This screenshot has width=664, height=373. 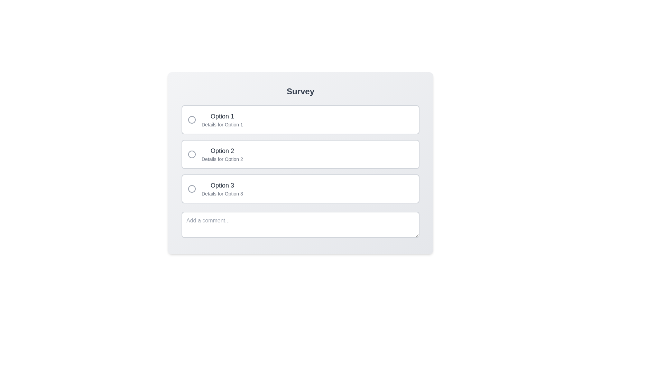 I want to click on the unfilled circular gray icon located to the left of 'Option 3' in the survey options interface, so click(x=192, y=189).